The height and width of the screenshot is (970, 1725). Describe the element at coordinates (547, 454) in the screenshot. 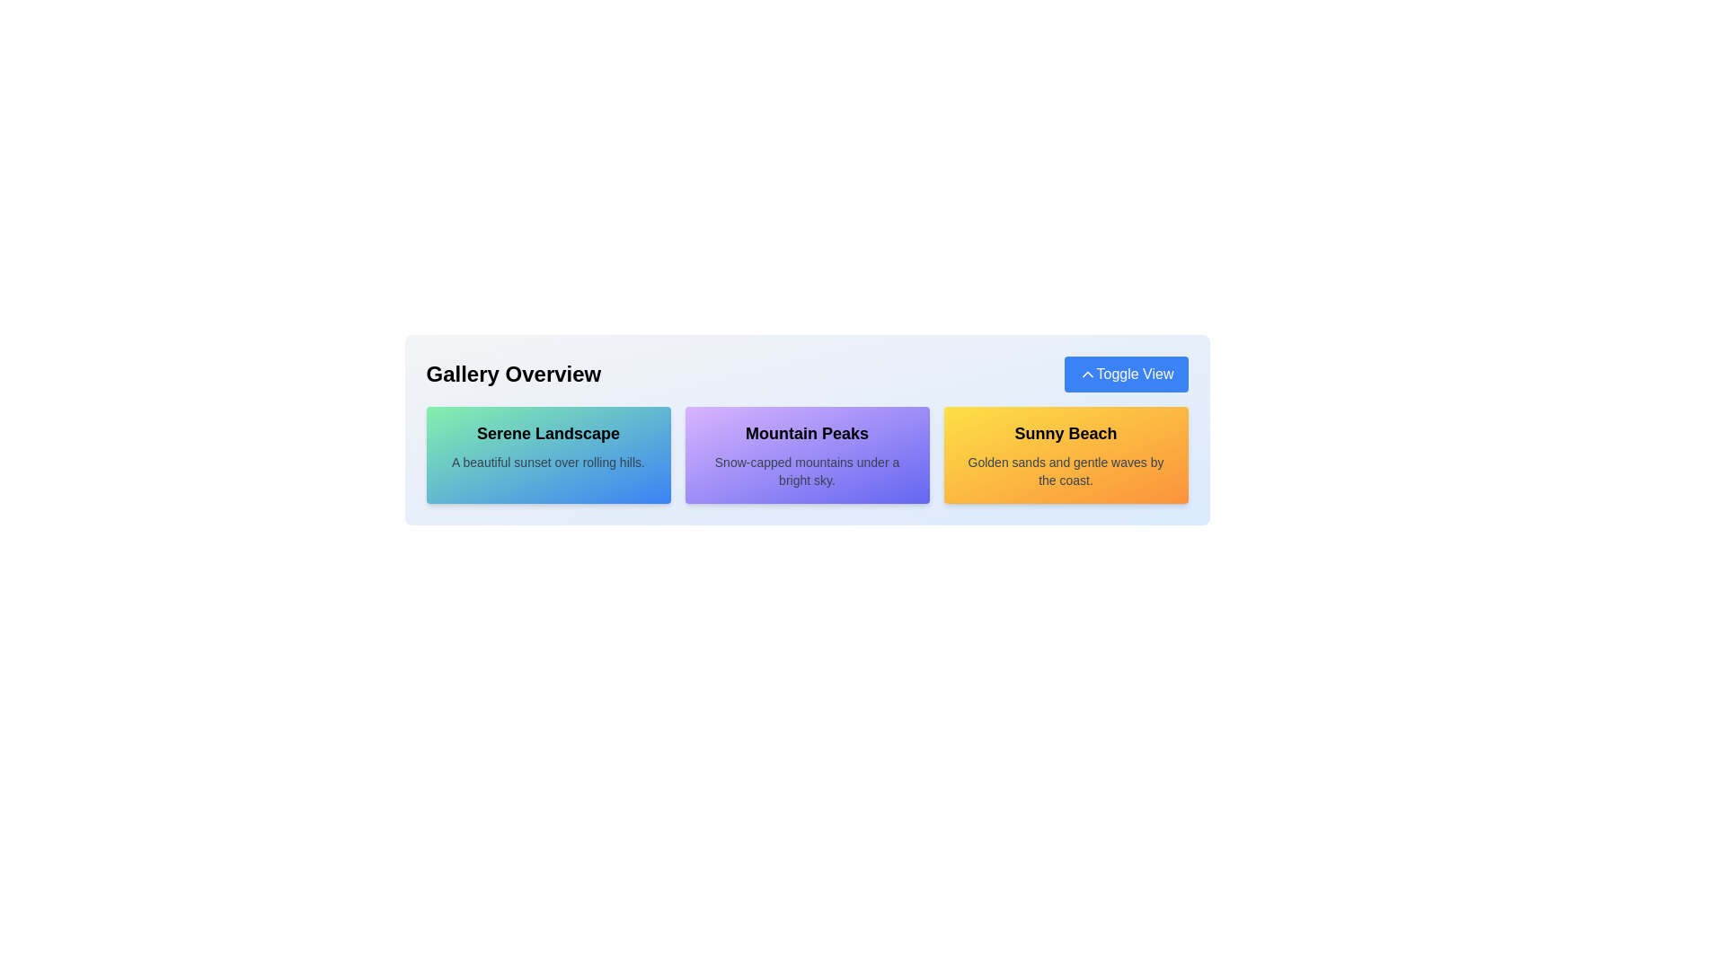

I see `the Text block with a gradient-styled background that describes 'Serene Landscape', located in the first cell of a three-column layout` at that location.